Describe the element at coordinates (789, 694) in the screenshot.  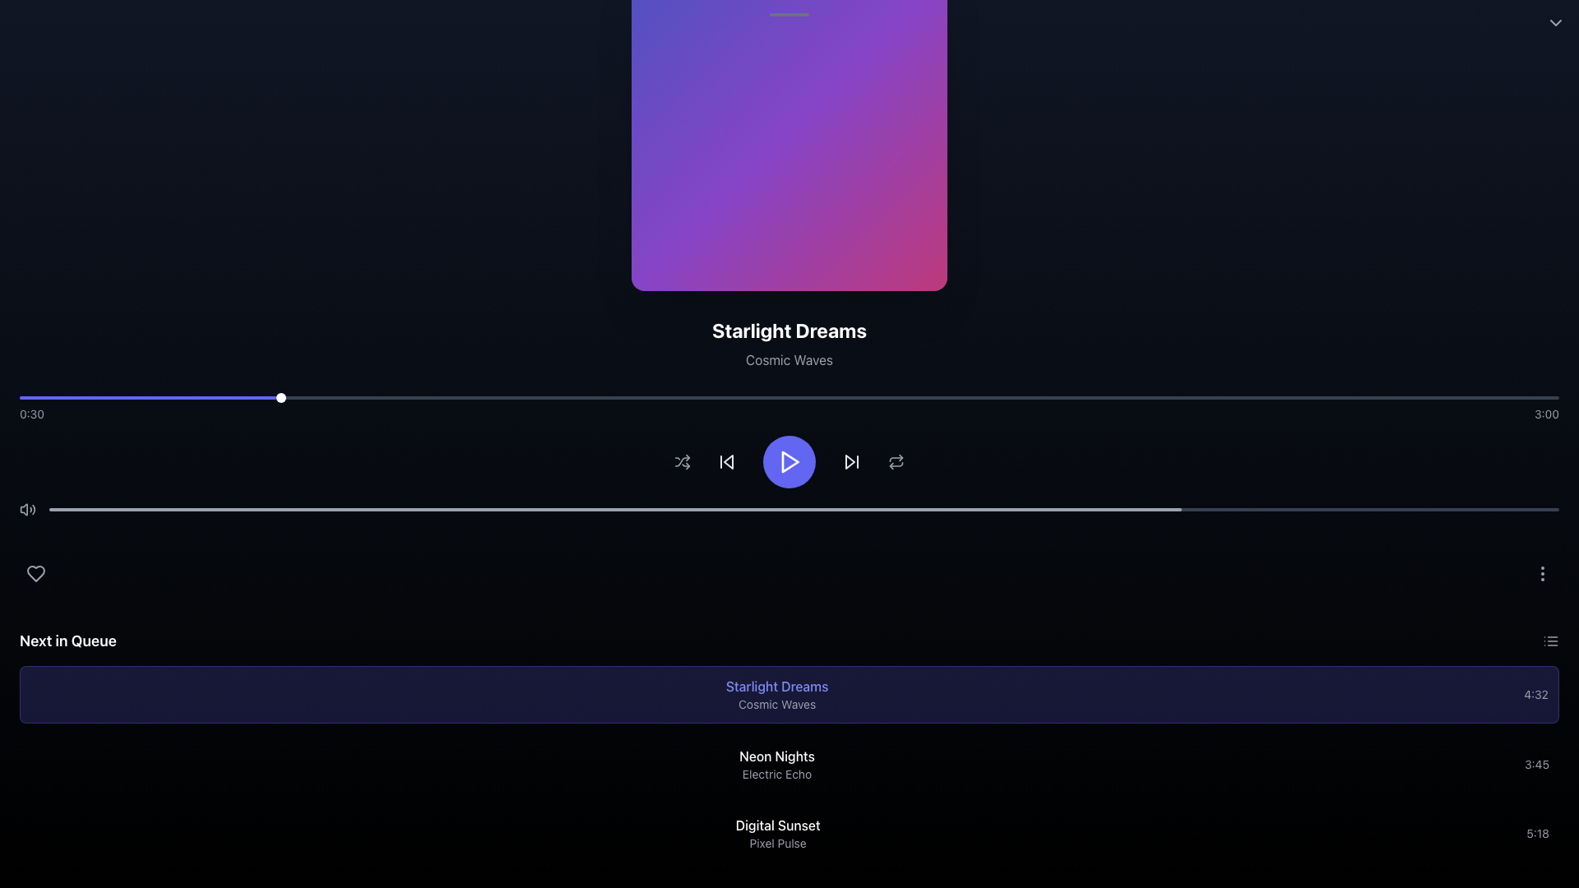
I see `to select the first item card labeled 'Starlight Dreams' in the 'Next in Queue' list` at that location.